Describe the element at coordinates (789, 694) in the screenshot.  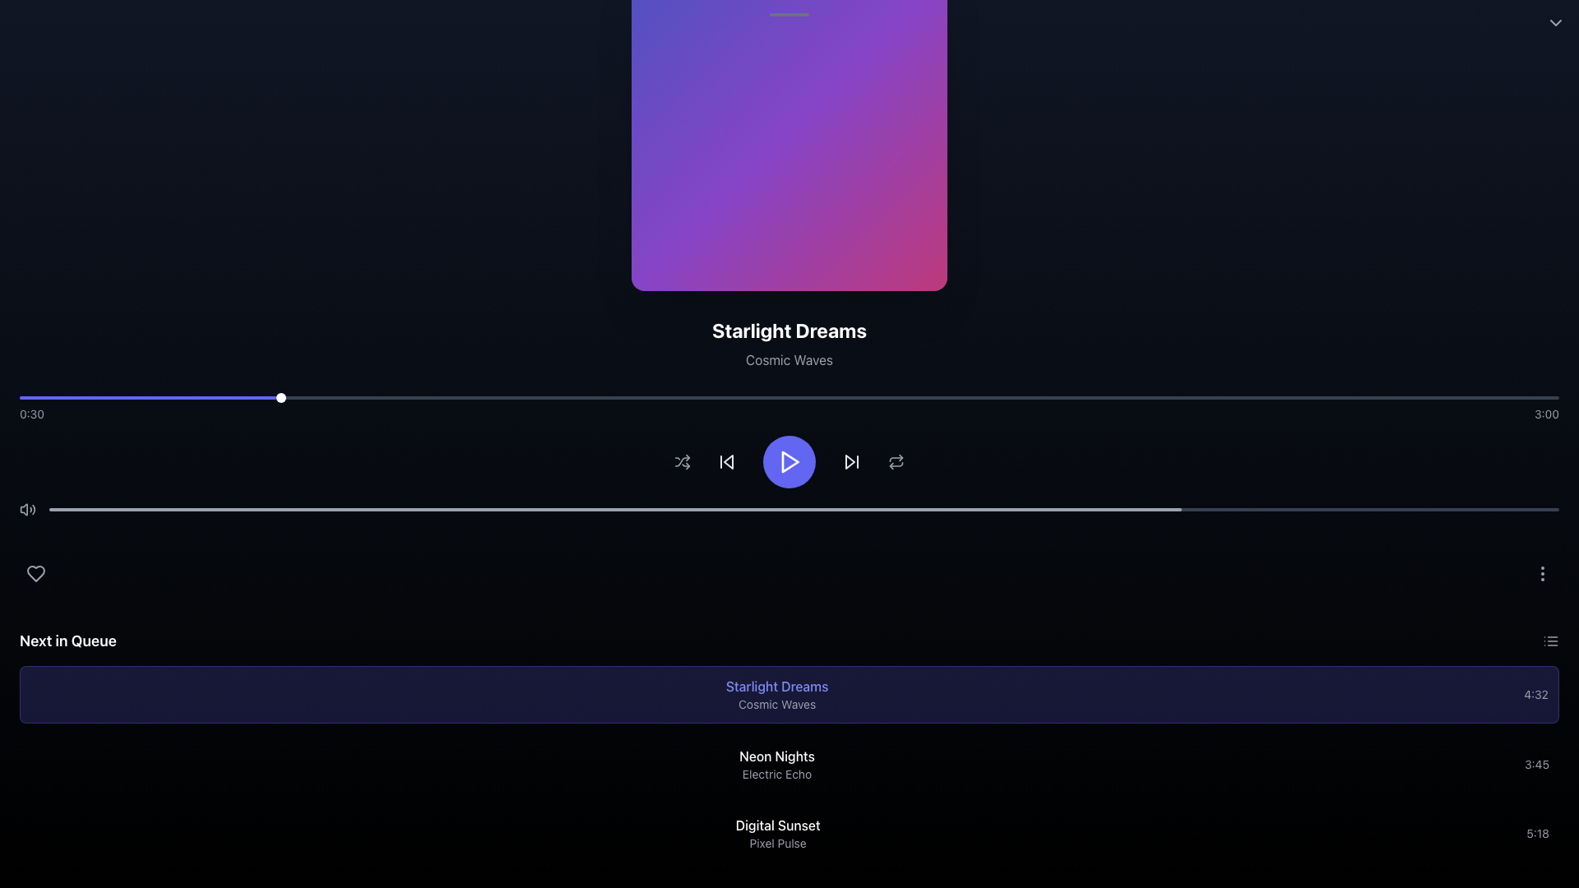
I see `to select the first item card labeled 'Starlight Dreams' in the 'Next in Queue' list` at that location.